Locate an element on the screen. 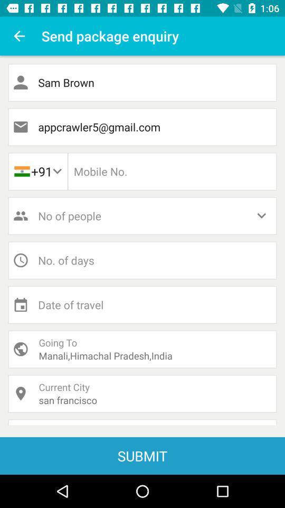 This screenshot has width=285, height=508. the appcrawler5@gmail.com item is located at coordinates (142, 127).